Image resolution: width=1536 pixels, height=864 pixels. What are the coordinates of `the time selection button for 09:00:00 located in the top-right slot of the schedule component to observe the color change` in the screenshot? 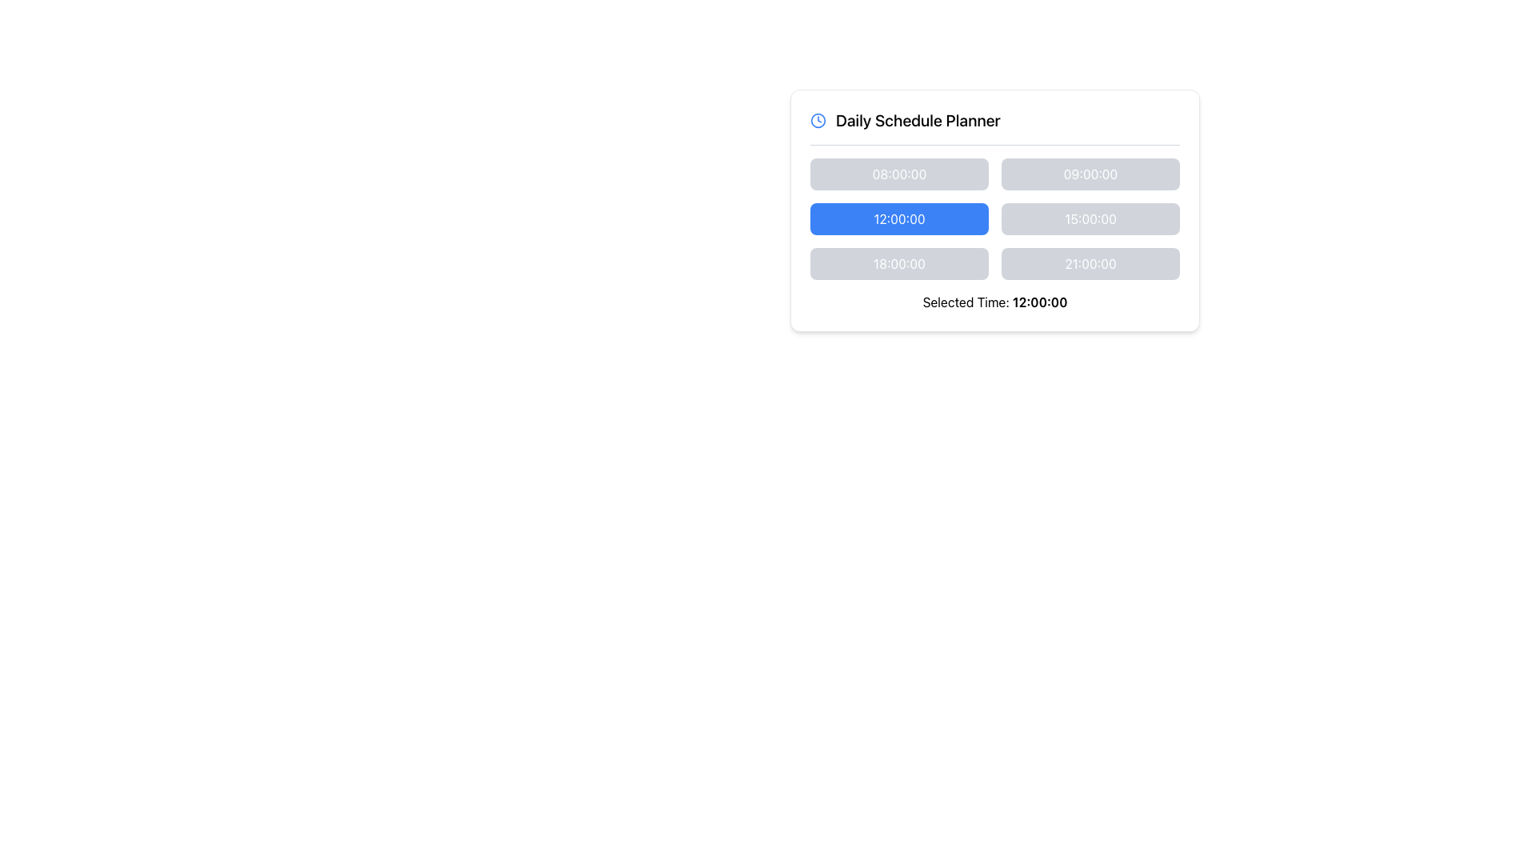 It's located at (1090, 174).